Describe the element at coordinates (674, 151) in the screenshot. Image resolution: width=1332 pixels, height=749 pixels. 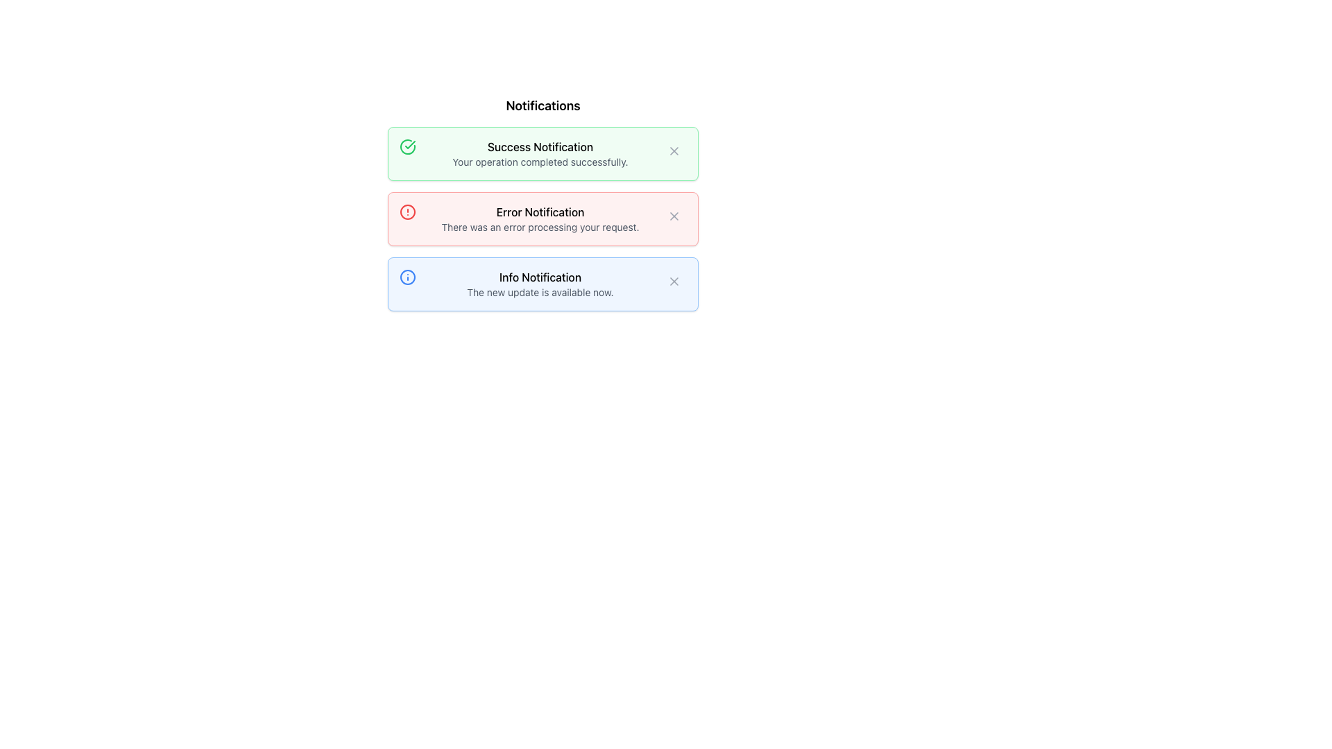
I see `the small gray cross icon button located in the top-right corner of the success notification modal` at that location.